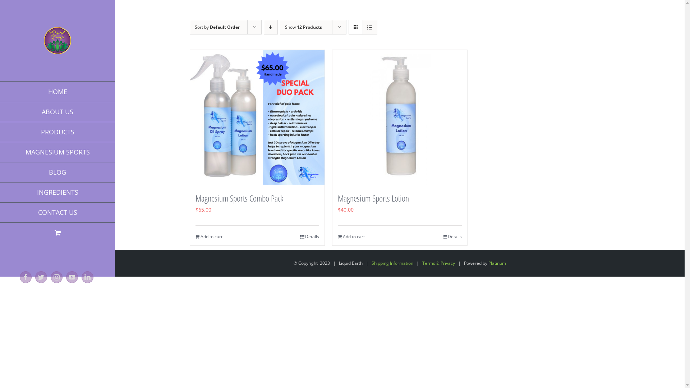 This screenshot has width=690, height=388. What do you see at coordinates (26, 277) in the screenshot?
I see `'Facebook'` at bounding box center [26, 277].